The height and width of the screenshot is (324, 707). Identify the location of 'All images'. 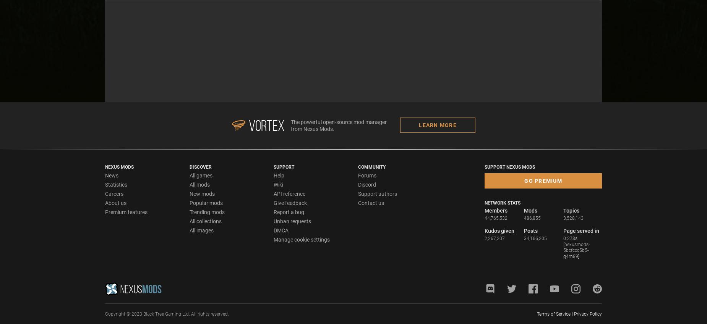
(201, 229).